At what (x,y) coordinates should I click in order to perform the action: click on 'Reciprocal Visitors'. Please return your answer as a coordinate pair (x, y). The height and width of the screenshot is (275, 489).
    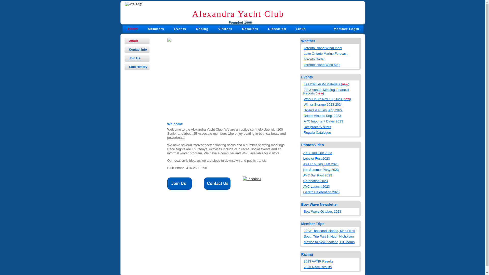
    Looking at the image, I should click on (331, 126).